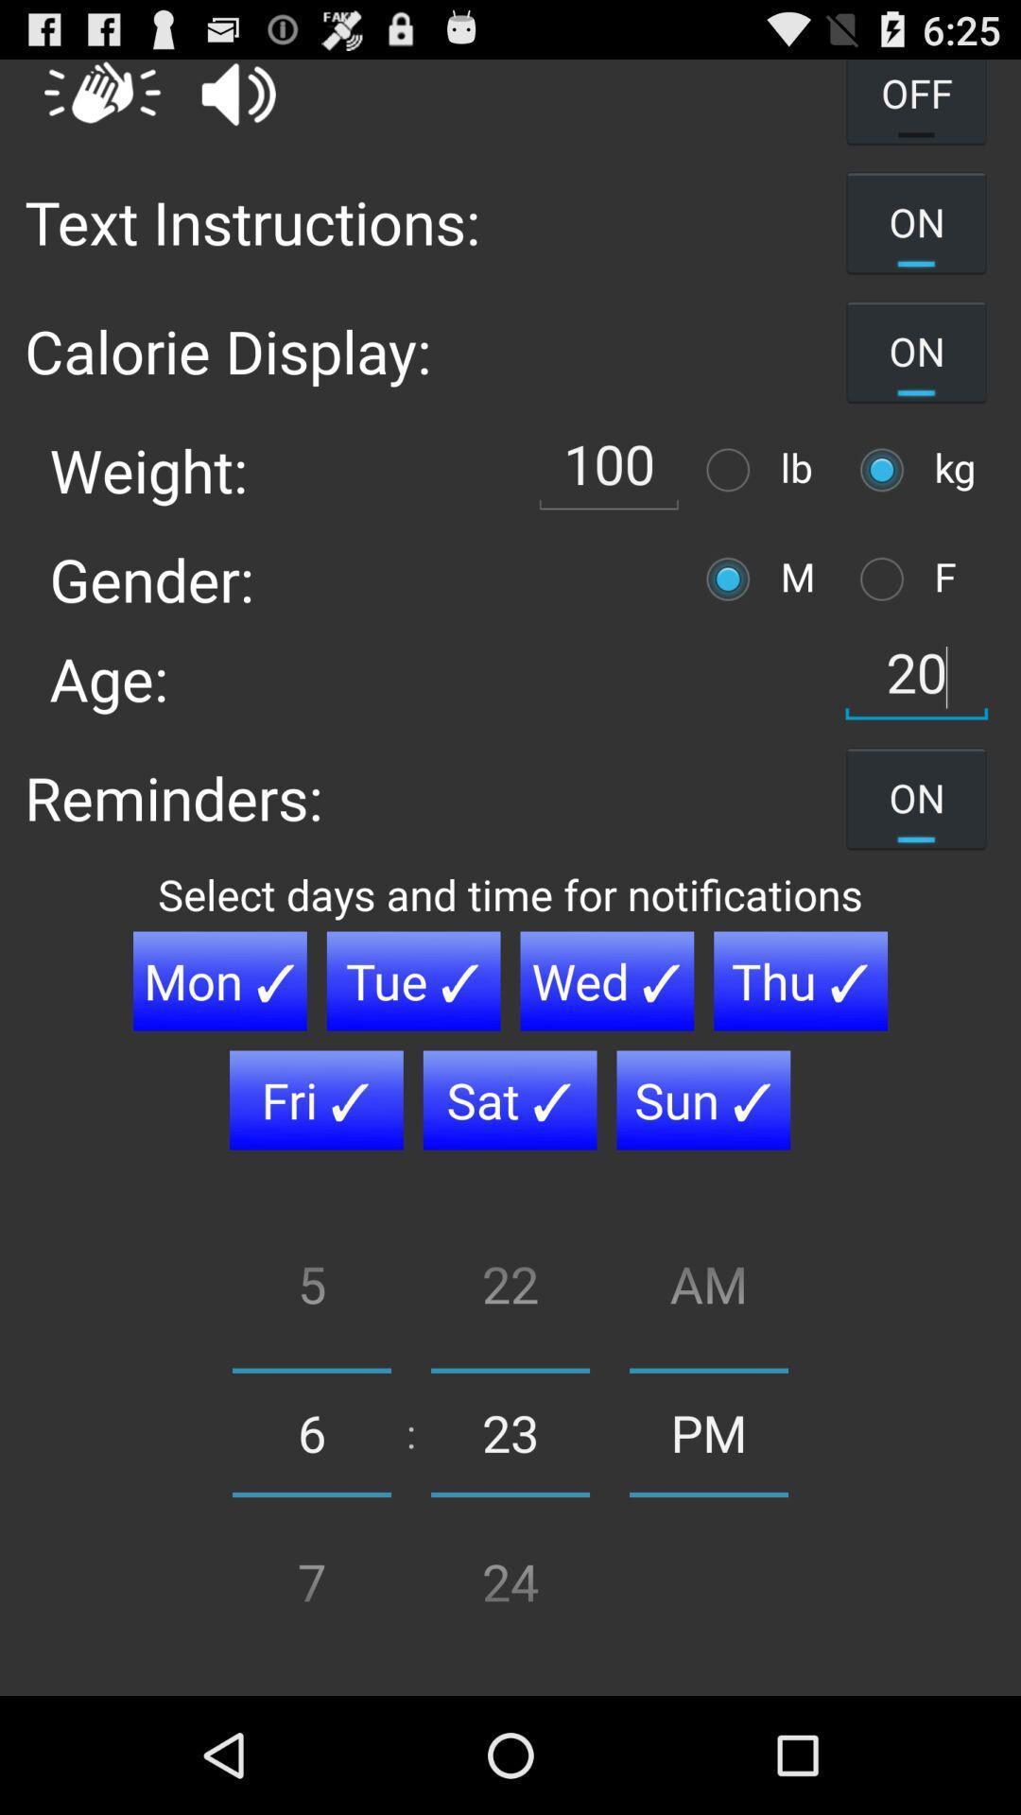 The width and height of the screenshot is (1021, 1815). What do you see at coordinates (732, 578) in the screenshot?
I see `poit` at bounding box center [732, 578].